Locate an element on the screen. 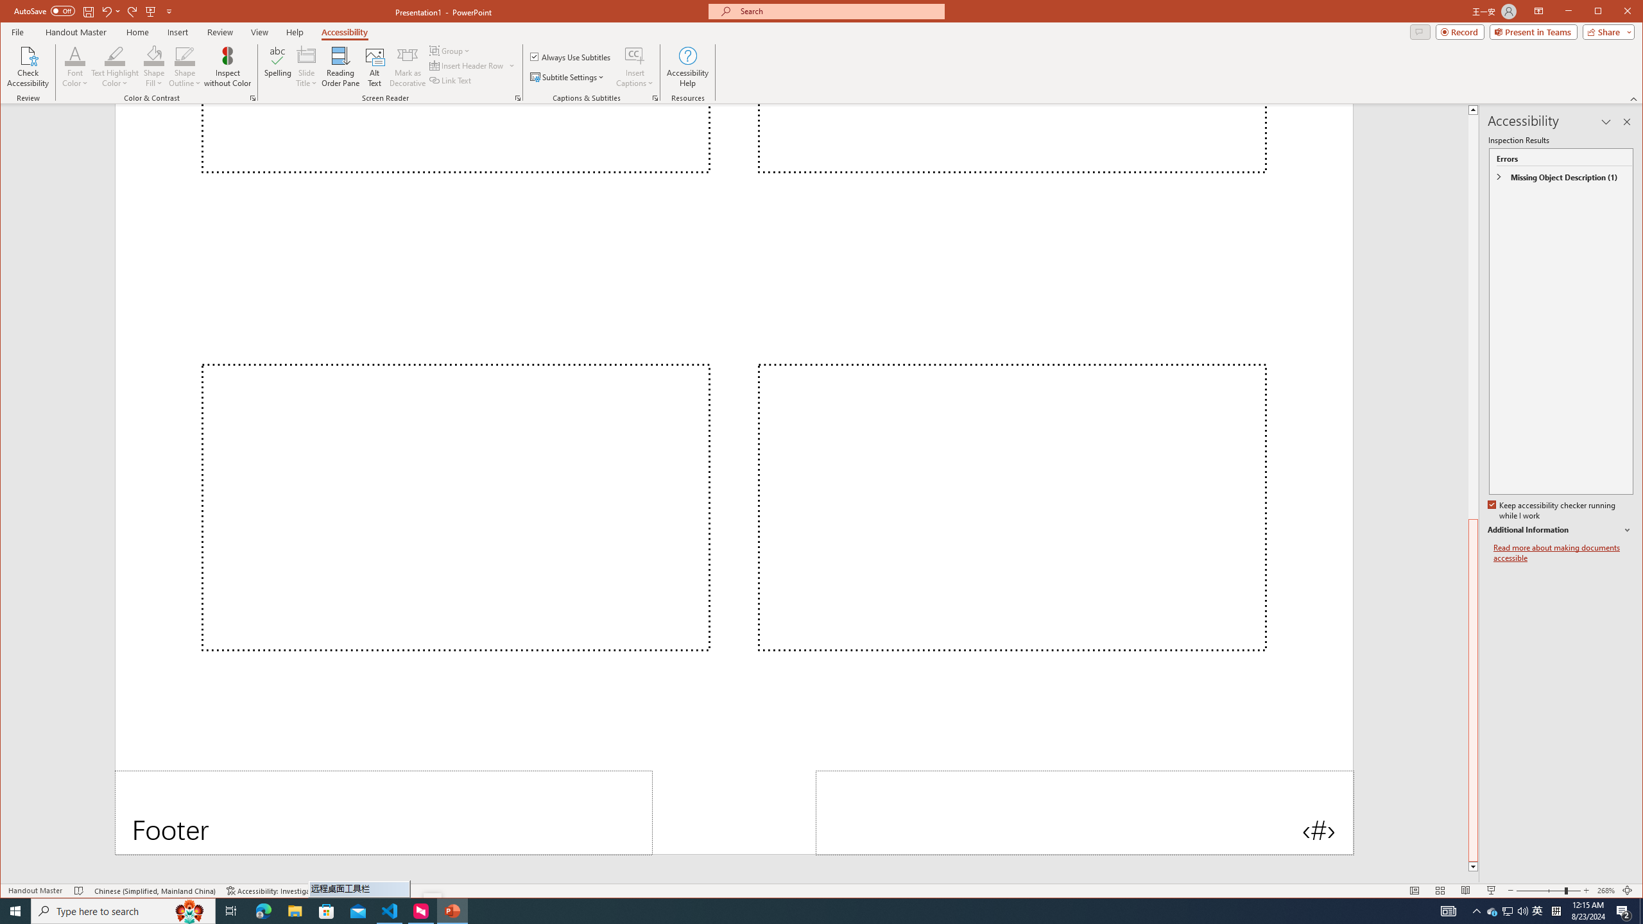 The height and width of the screenshot is (924, 1643). 'Accessibility' is located at coordinates (345, 31).